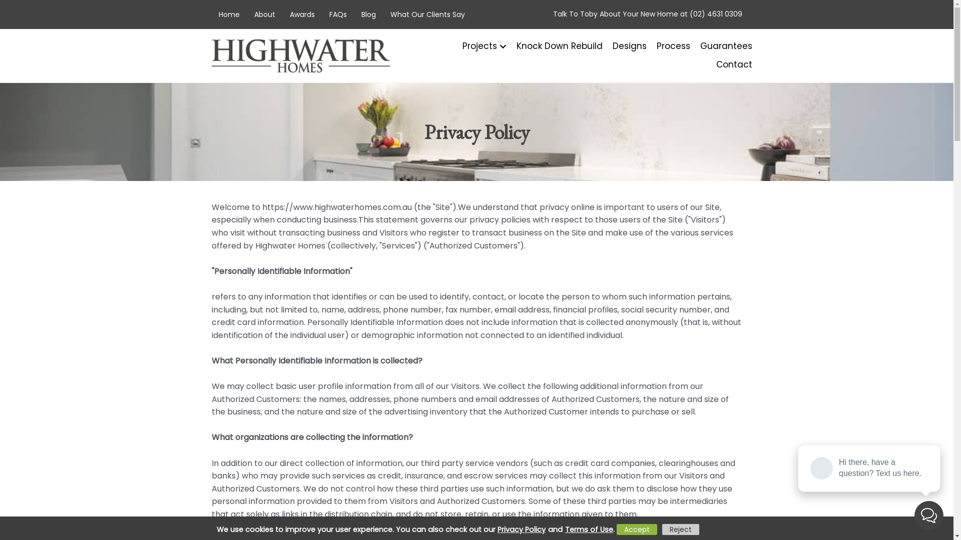  What do you see at coordinates (689, 13) in the screenshot?
I see `'(02) 4631 0309'` at bounding box center [689, 13].